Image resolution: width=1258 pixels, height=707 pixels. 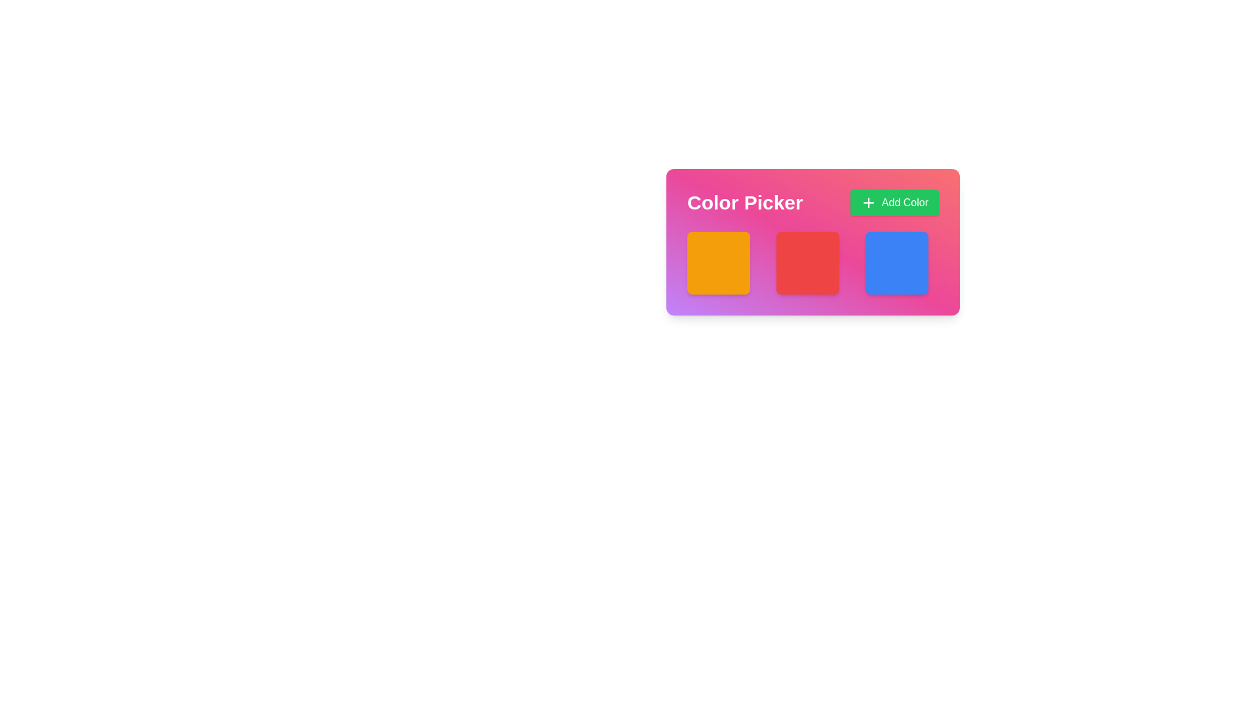 I want to click on the button located to the right of the 'Color Picker' header, so click(x=894, y=202).